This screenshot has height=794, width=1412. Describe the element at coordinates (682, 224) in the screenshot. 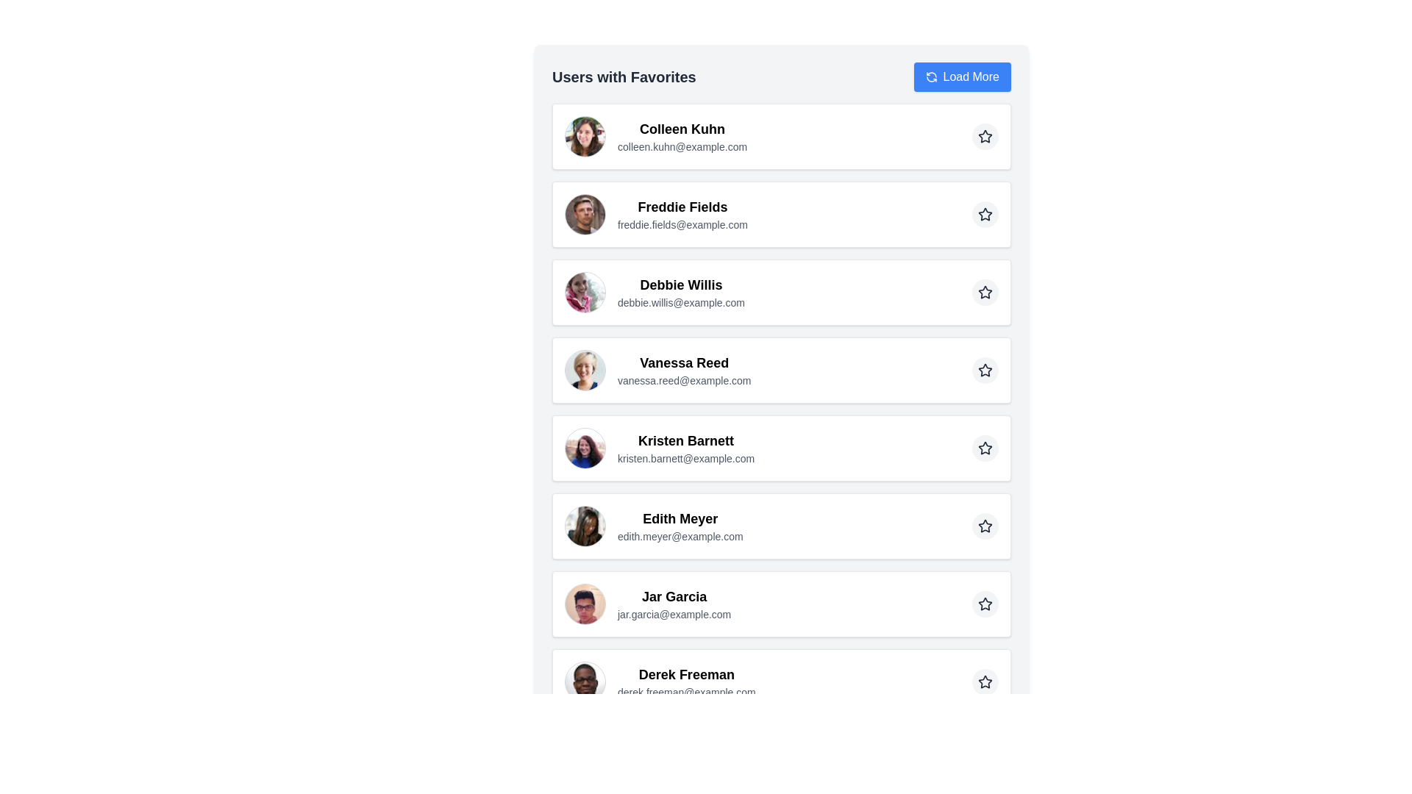

I see `the Text Label displaying the email address for user 'Freddie Fields', located below the user's name in the vertical stack layout` at that location.